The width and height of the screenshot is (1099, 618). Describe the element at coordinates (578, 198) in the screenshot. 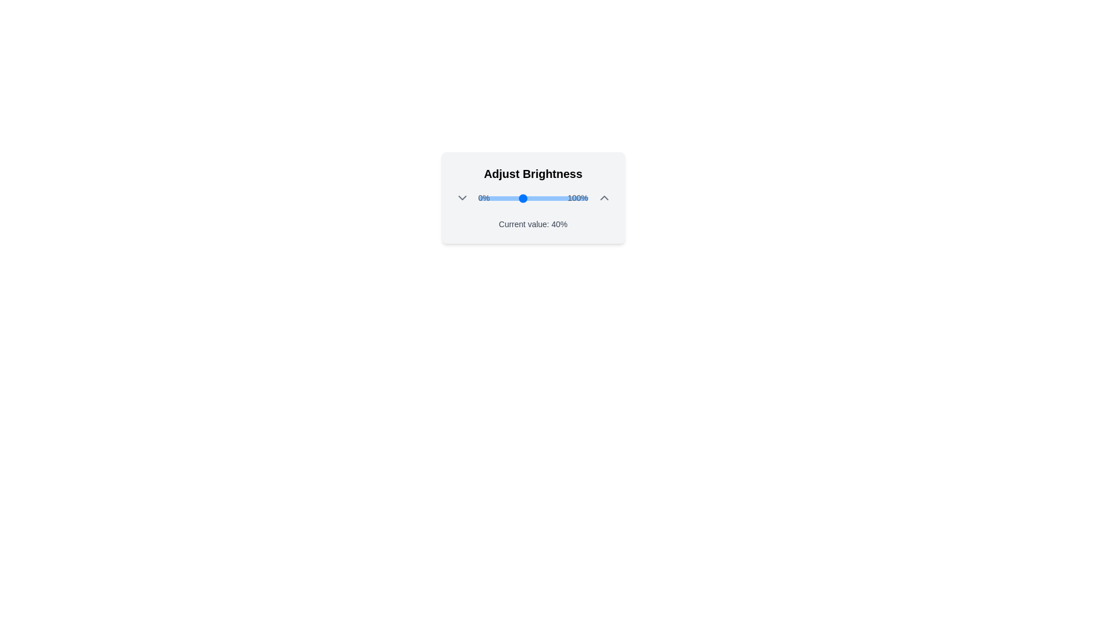

I see `brightness` at that location.